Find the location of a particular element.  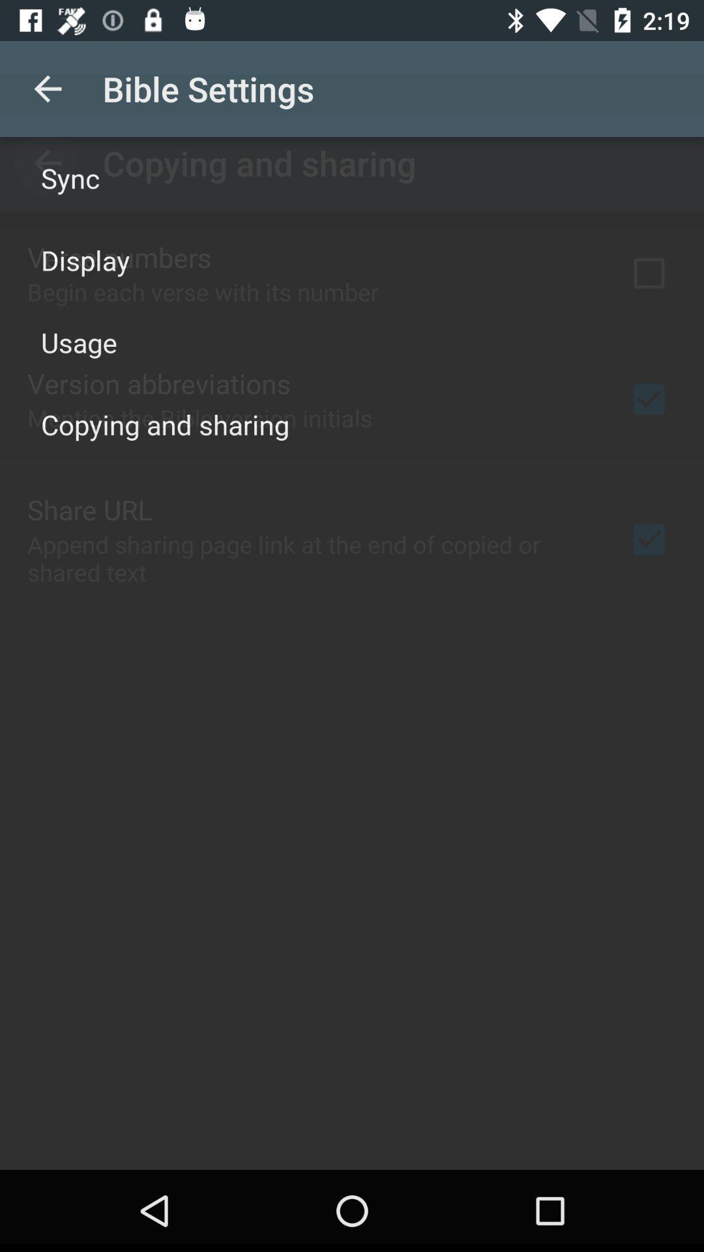

icon above display icon is located at coordinates (70, 177).